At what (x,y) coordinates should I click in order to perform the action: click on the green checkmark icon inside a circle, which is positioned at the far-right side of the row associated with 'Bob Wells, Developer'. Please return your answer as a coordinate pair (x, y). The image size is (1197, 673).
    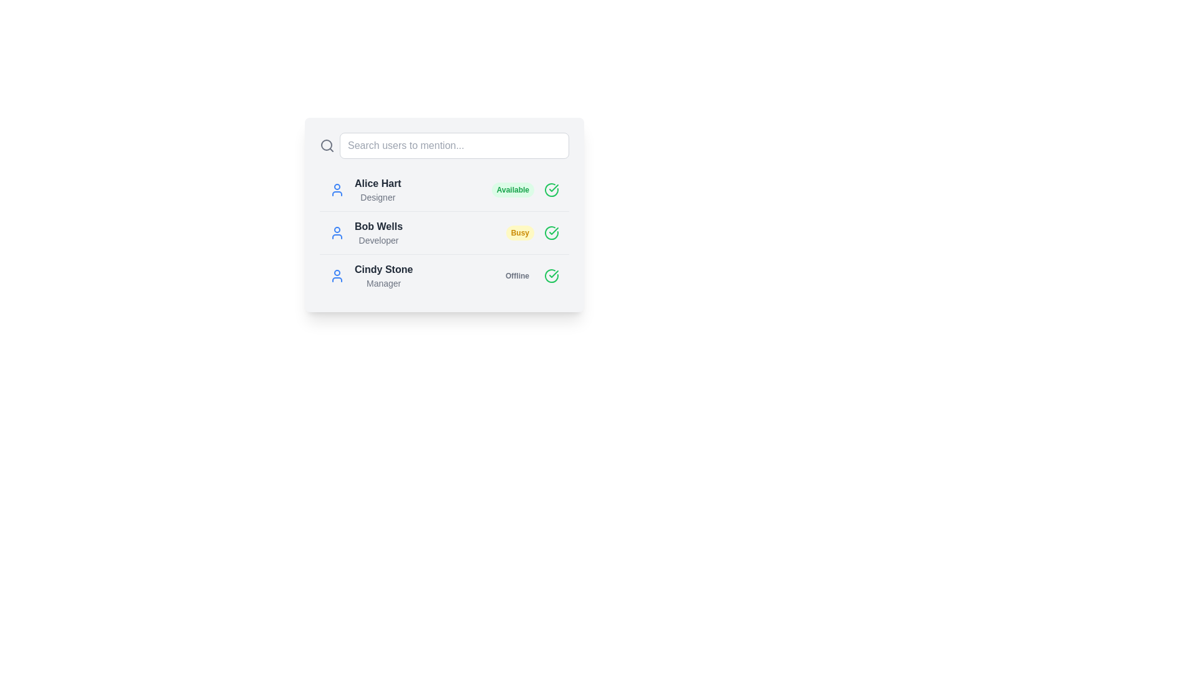
    Looking at the image, I should click on (550, 233).